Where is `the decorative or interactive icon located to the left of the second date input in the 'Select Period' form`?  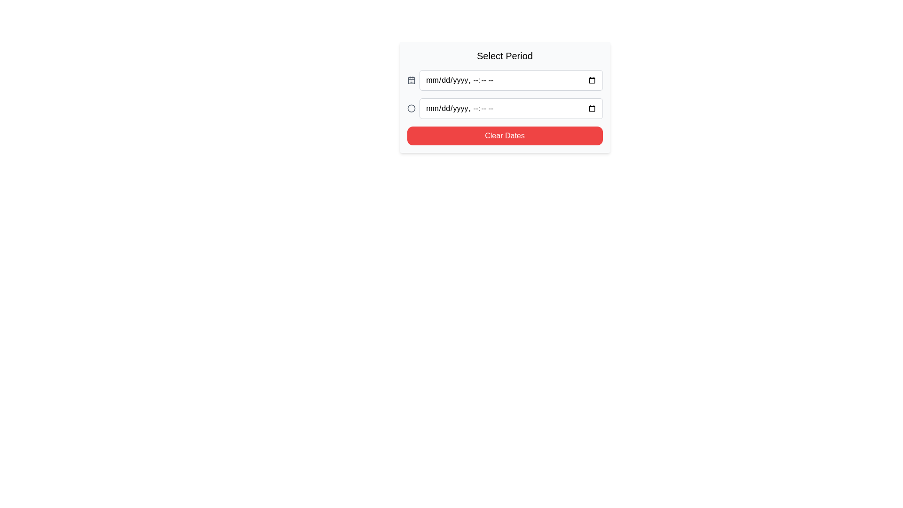 the decorative or interactive icon located to the left of the second date input in the 'Select Period' form is located at coordinates (411, 108).